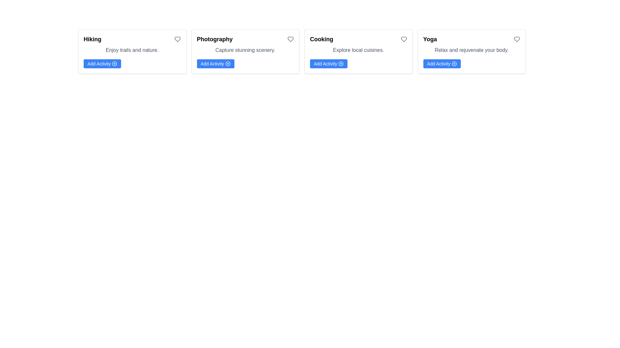  What do you see at coordinates (215, 63) in the screenshot?
I see `the 'Add Activity' button, which has a blue background and white text, located centrally within the second card below the description 'Capture stunning scenery.'` at bounding box center [215, 63].